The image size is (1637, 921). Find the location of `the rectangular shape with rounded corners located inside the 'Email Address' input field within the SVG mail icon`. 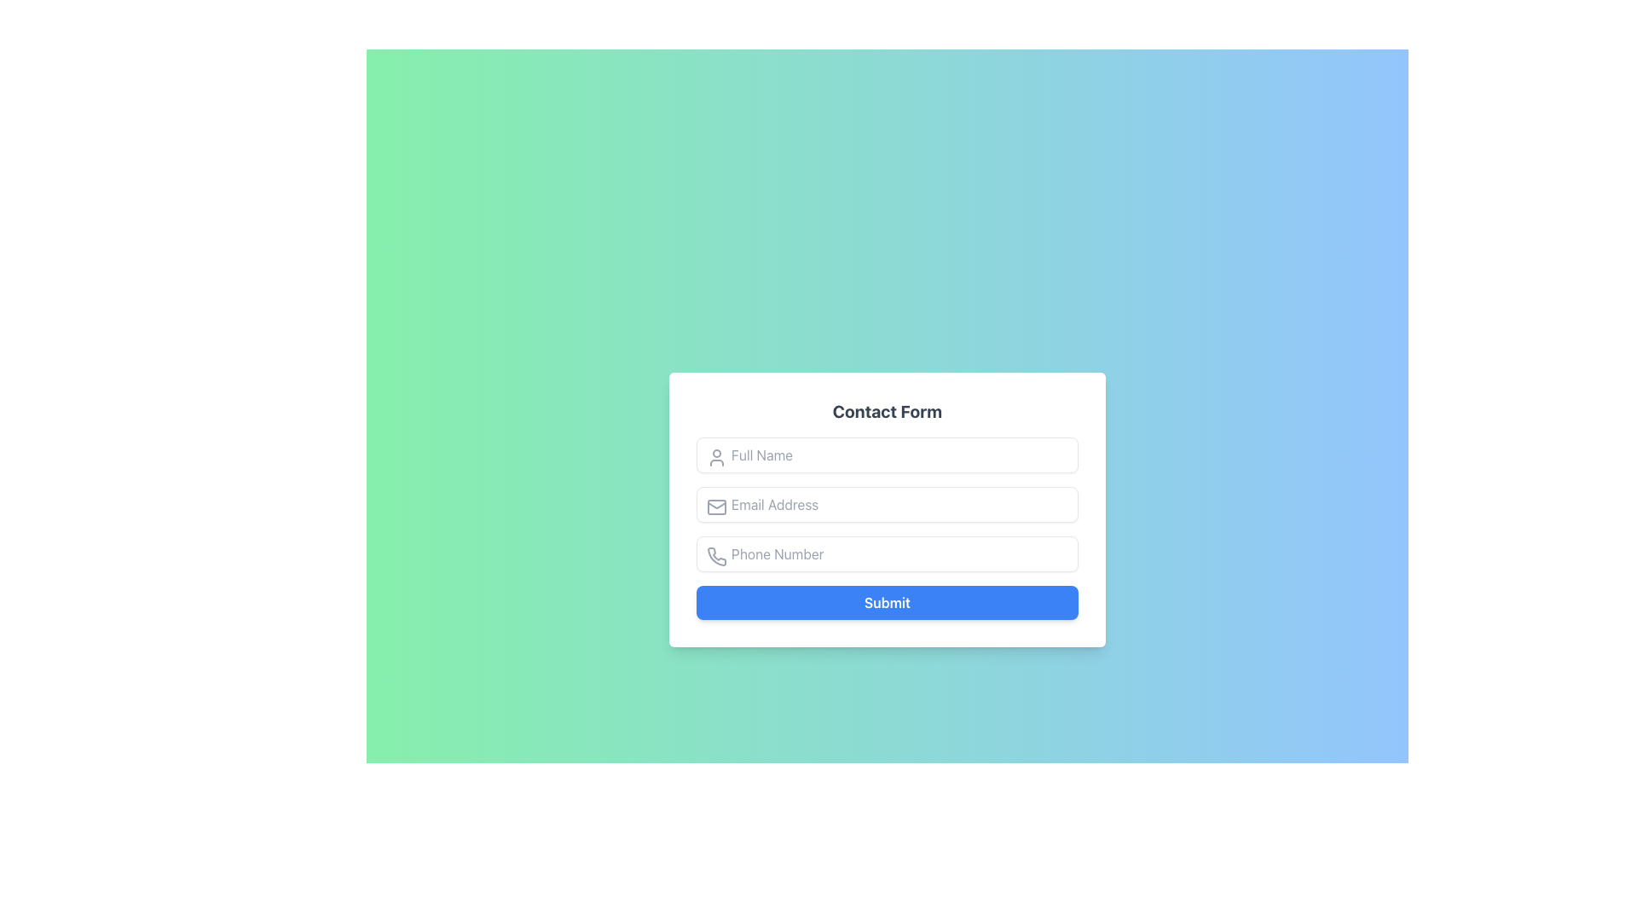

the rectangular shape with rounded corners located inside the 'Email Address' input field within the SVG mail icon is located at coordinates (716, 506).